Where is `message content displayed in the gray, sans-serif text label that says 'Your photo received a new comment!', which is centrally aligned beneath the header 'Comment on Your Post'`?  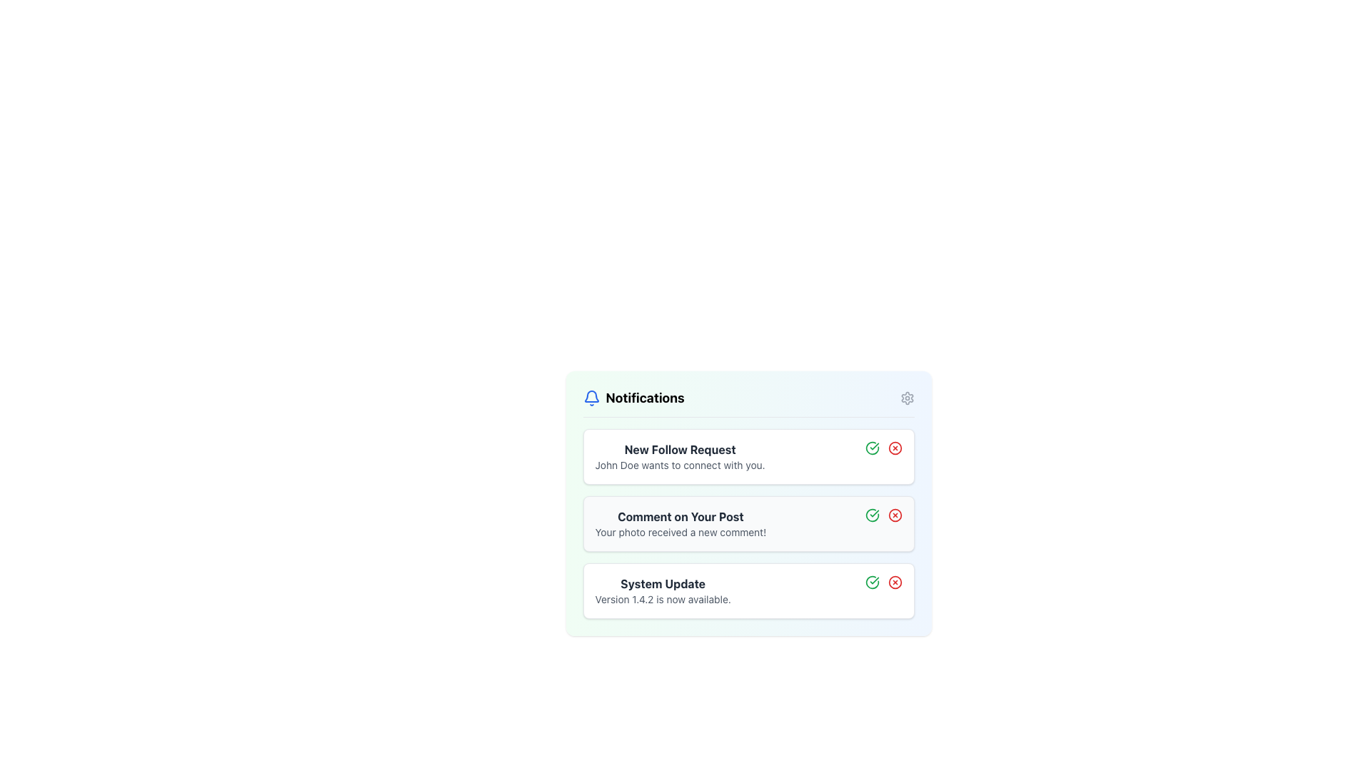 message content displayed in the gray, sans-serif text label that says 'Your photo received a new comment!', which is centrally aligned beneath the header 'Comment on Your Post' is located at coordinates (680, 532).